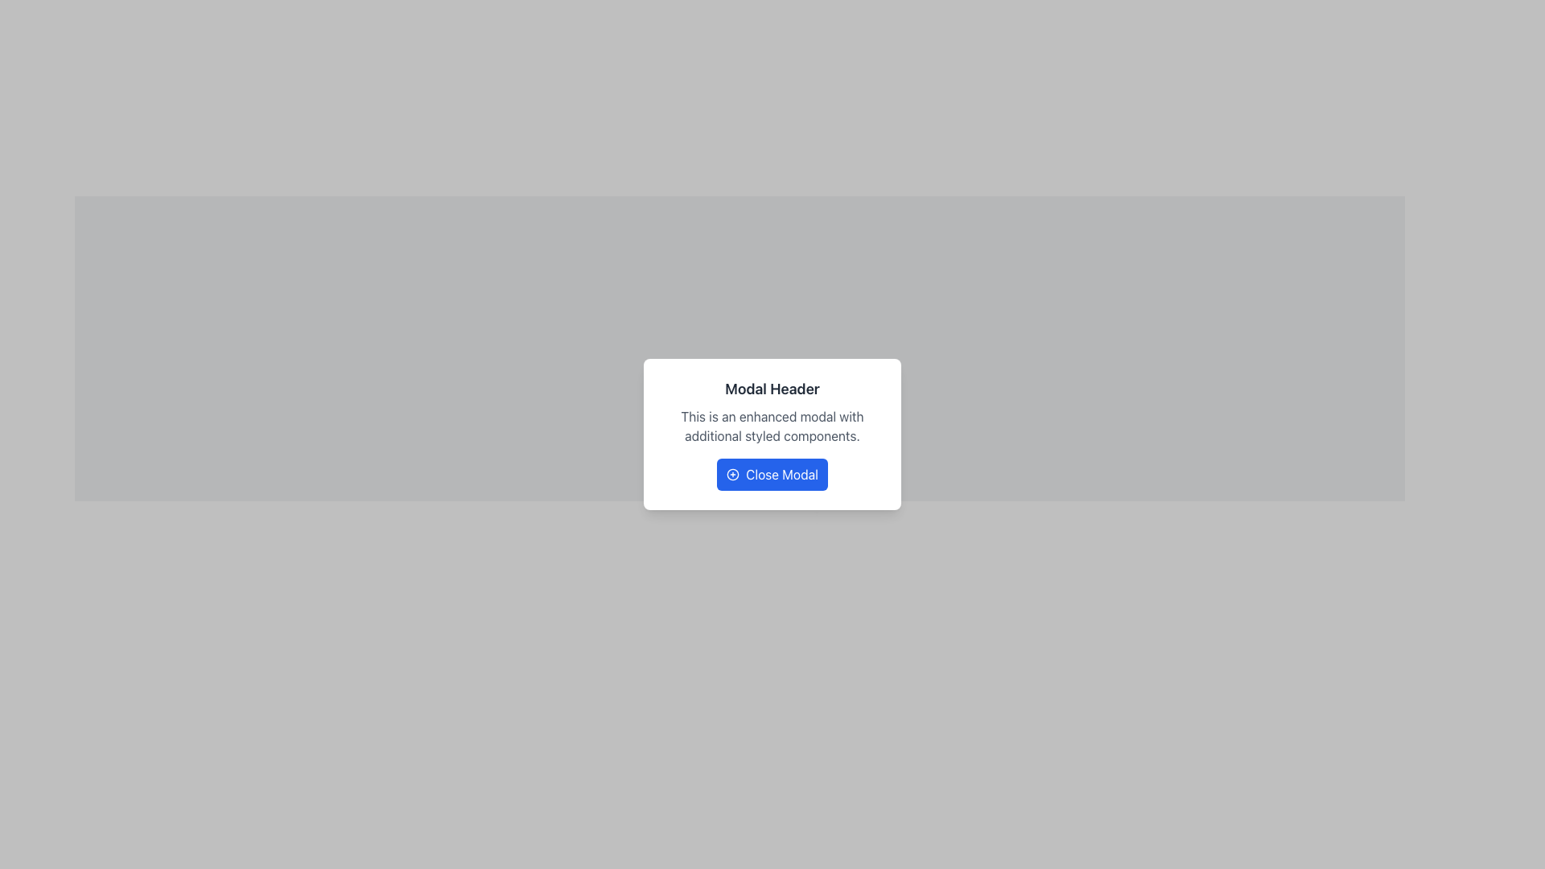  I want to click on the icon located to the left of the 'Close Modal' button in the modal dialog, so click(732, 474).